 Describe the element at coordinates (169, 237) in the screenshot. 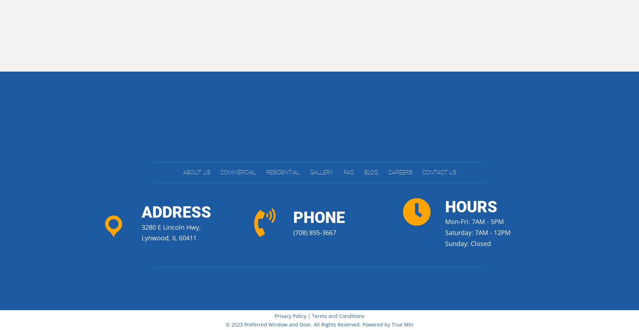

I see `'Lynwood, IL 60411'` at that location.